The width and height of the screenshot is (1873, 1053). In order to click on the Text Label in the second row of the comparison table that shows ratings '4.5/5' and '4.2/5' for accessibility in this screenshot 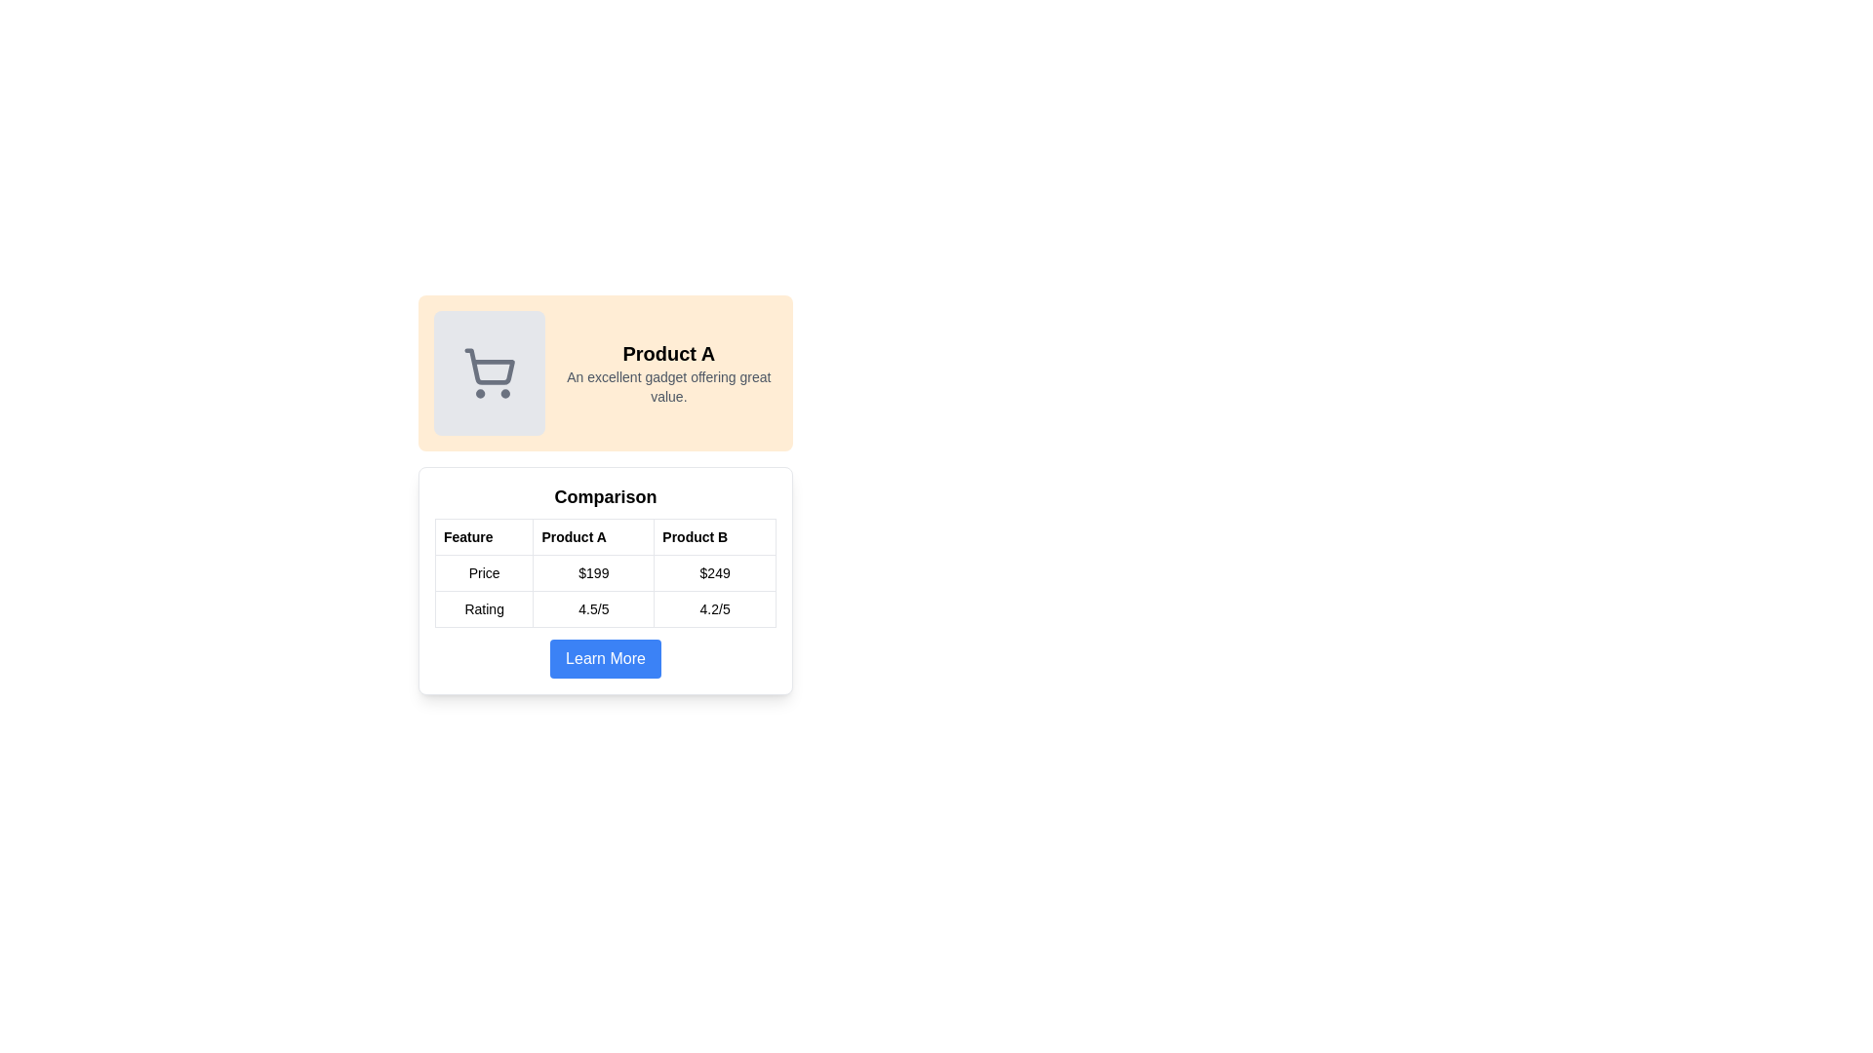, I will do `click(604, 607)`.